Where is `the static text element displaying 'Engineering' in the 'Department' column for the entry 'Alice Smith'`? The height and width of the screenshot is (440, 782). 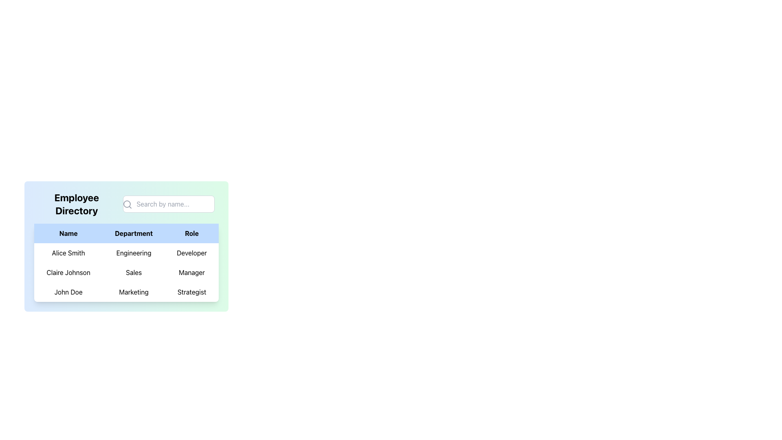
the static text element displaying 'Engineering' in the 'Department' column for the entry 'Alice Smith' is located at coordinates (134, 253).